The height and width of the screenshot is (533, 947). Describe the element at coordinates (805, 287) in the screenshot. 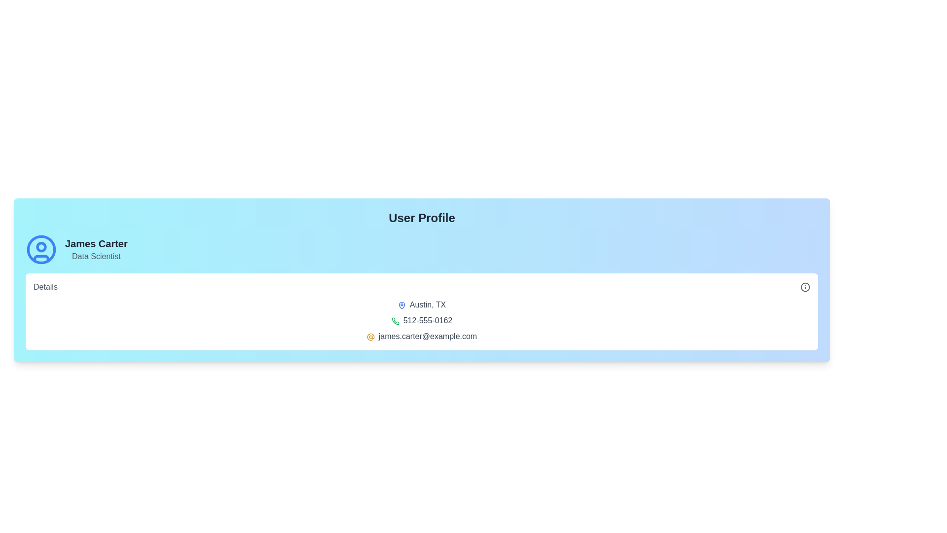

I see `the informational icon located to the right of the 'Details' text in the horizontal row labeled 'Details'` at that location.